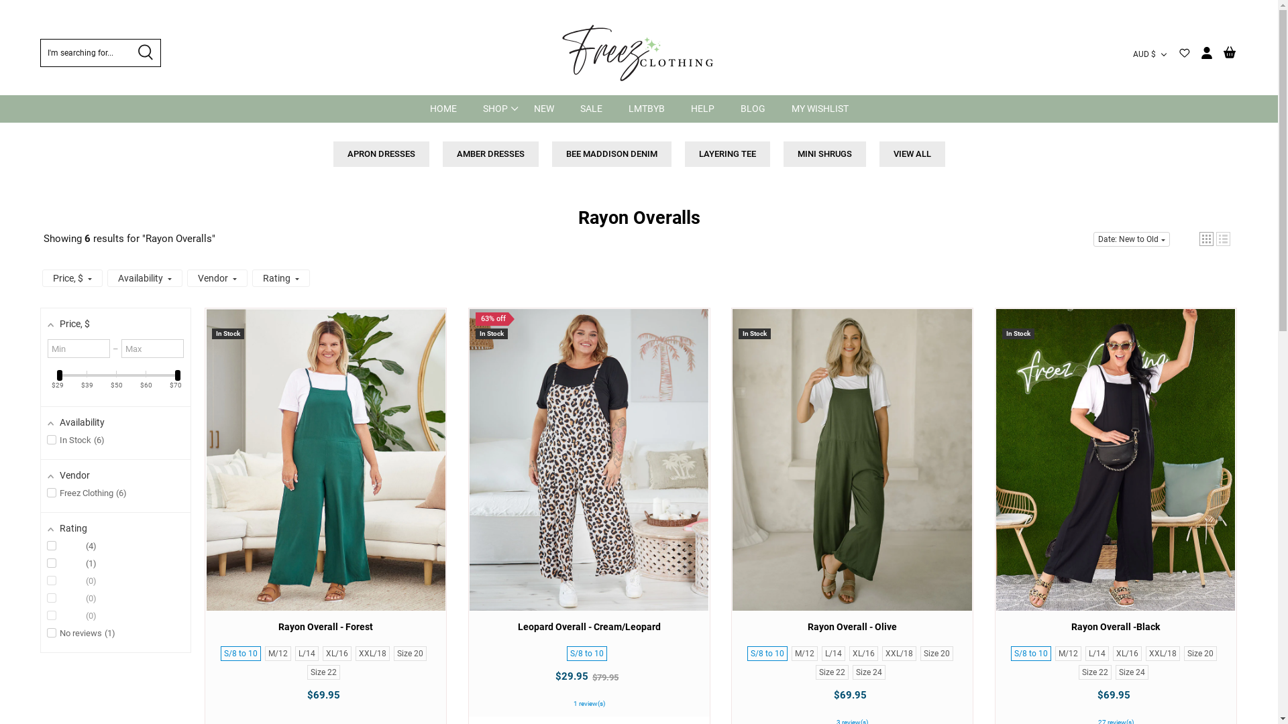  Describe the element at coordinates (726, 154) in the screenshot. I see `'LAYERING TEE'` at that location.